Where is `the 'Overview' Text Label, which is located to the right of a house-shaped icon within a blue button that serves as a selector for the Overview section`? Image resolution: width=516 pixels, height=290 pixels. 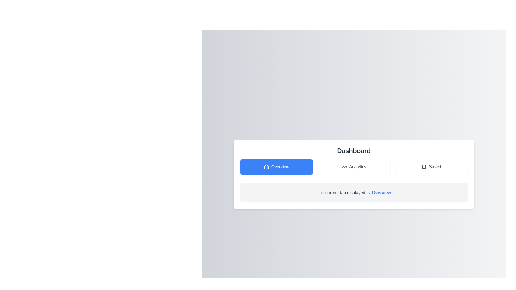 the 'Overview' Text Label, which is located to the right of a house-shaped icon within a blue button that serves as a selector for the Overview section is located at coordinates (280, 166).